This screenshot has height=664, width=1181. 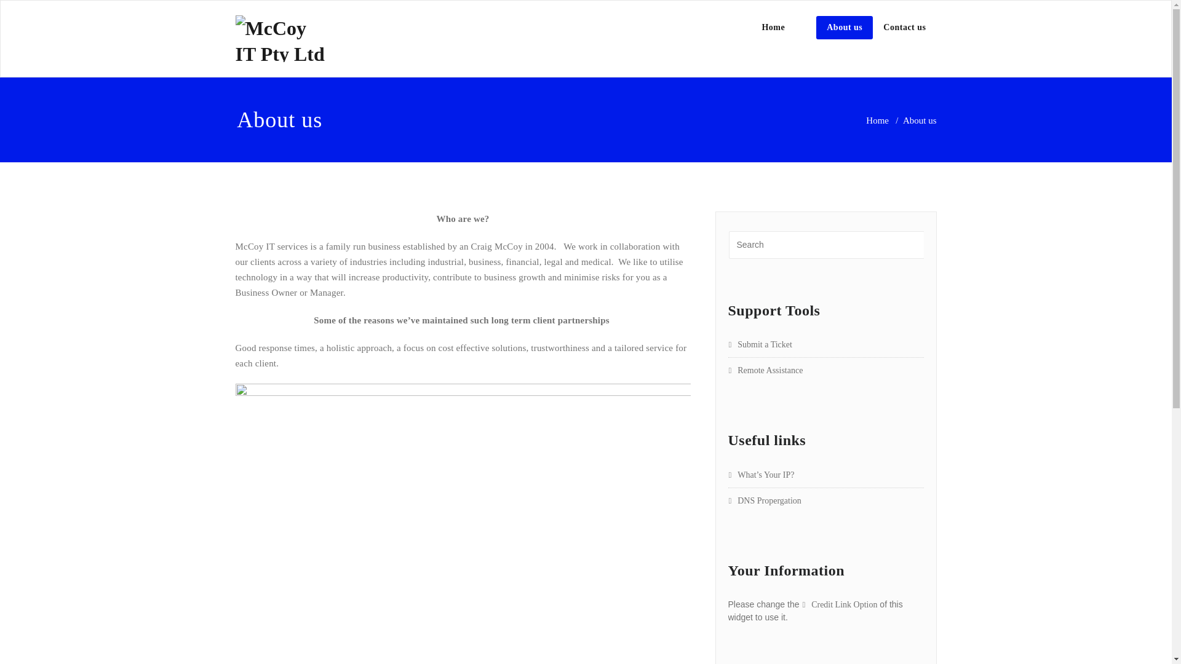 I want to click on 'Contact us', so click(x=872, y=28).